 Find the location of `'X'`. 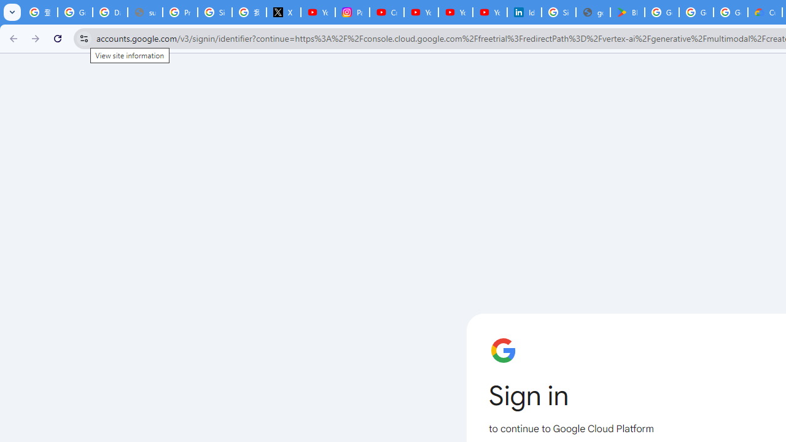

'X' is located at coordinates (283, 12).